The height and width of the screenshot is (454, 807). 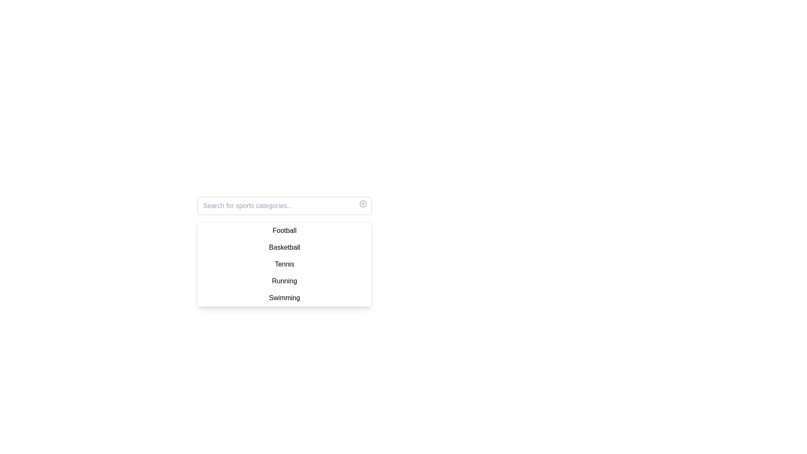 What do you see at coordinates (284, 247) in the screenshot?
I see `the selectable list item for 'Basketball', which is the second item in a vertical list of sports categories` at bounding box center [284, 247].